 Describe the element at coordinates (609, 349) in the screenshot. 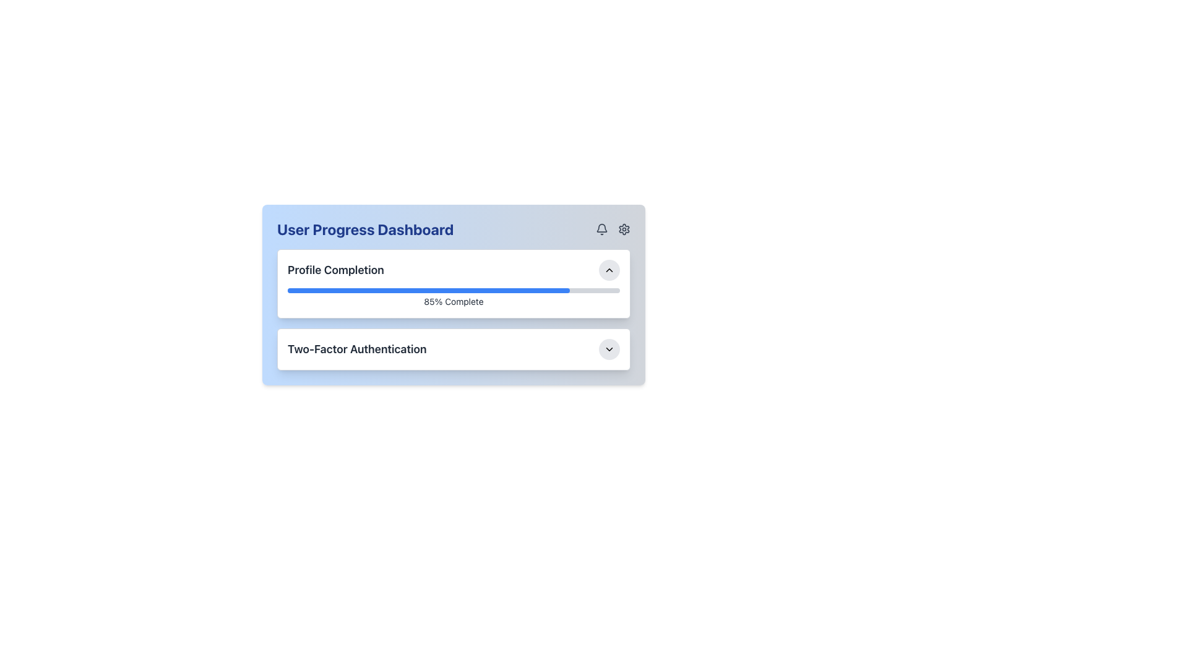

I see `the dropdown toggle button located in the lower-right corner of the 'Two-Factor Authentication' section within the 'User Progress Dashboard' panel` at that location.